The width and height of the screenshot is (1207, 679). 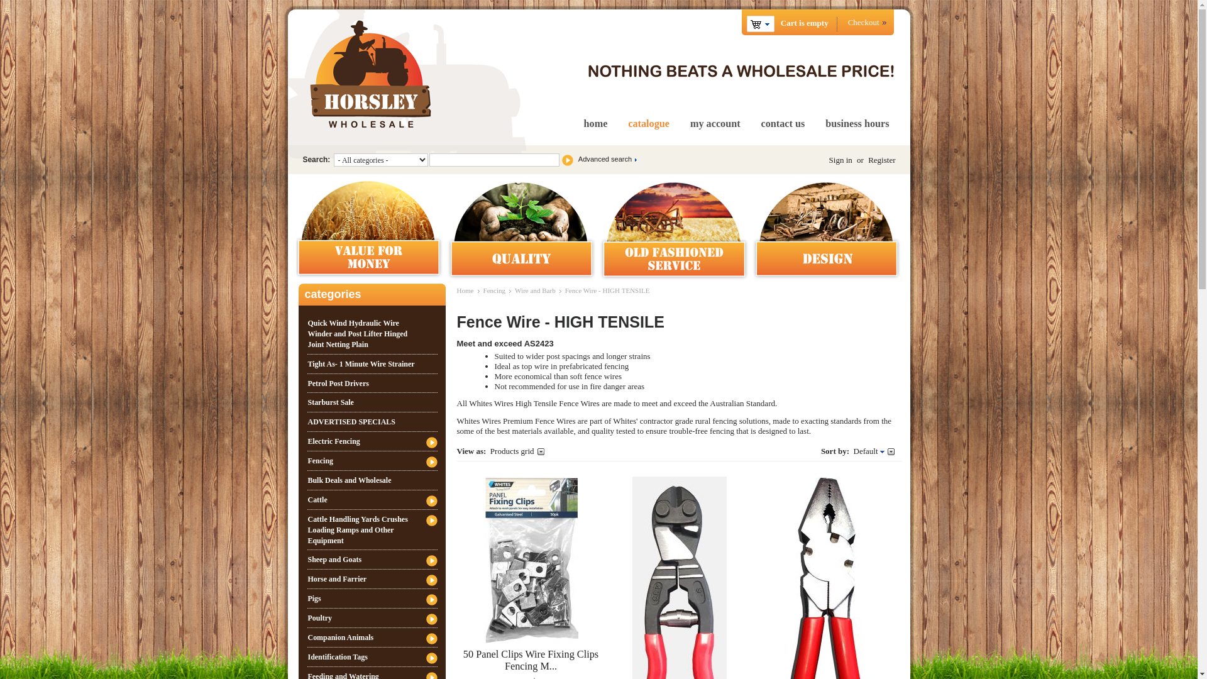 I want to click on 'ADVERTISED SPECIALS', so click(x=371, y=422).